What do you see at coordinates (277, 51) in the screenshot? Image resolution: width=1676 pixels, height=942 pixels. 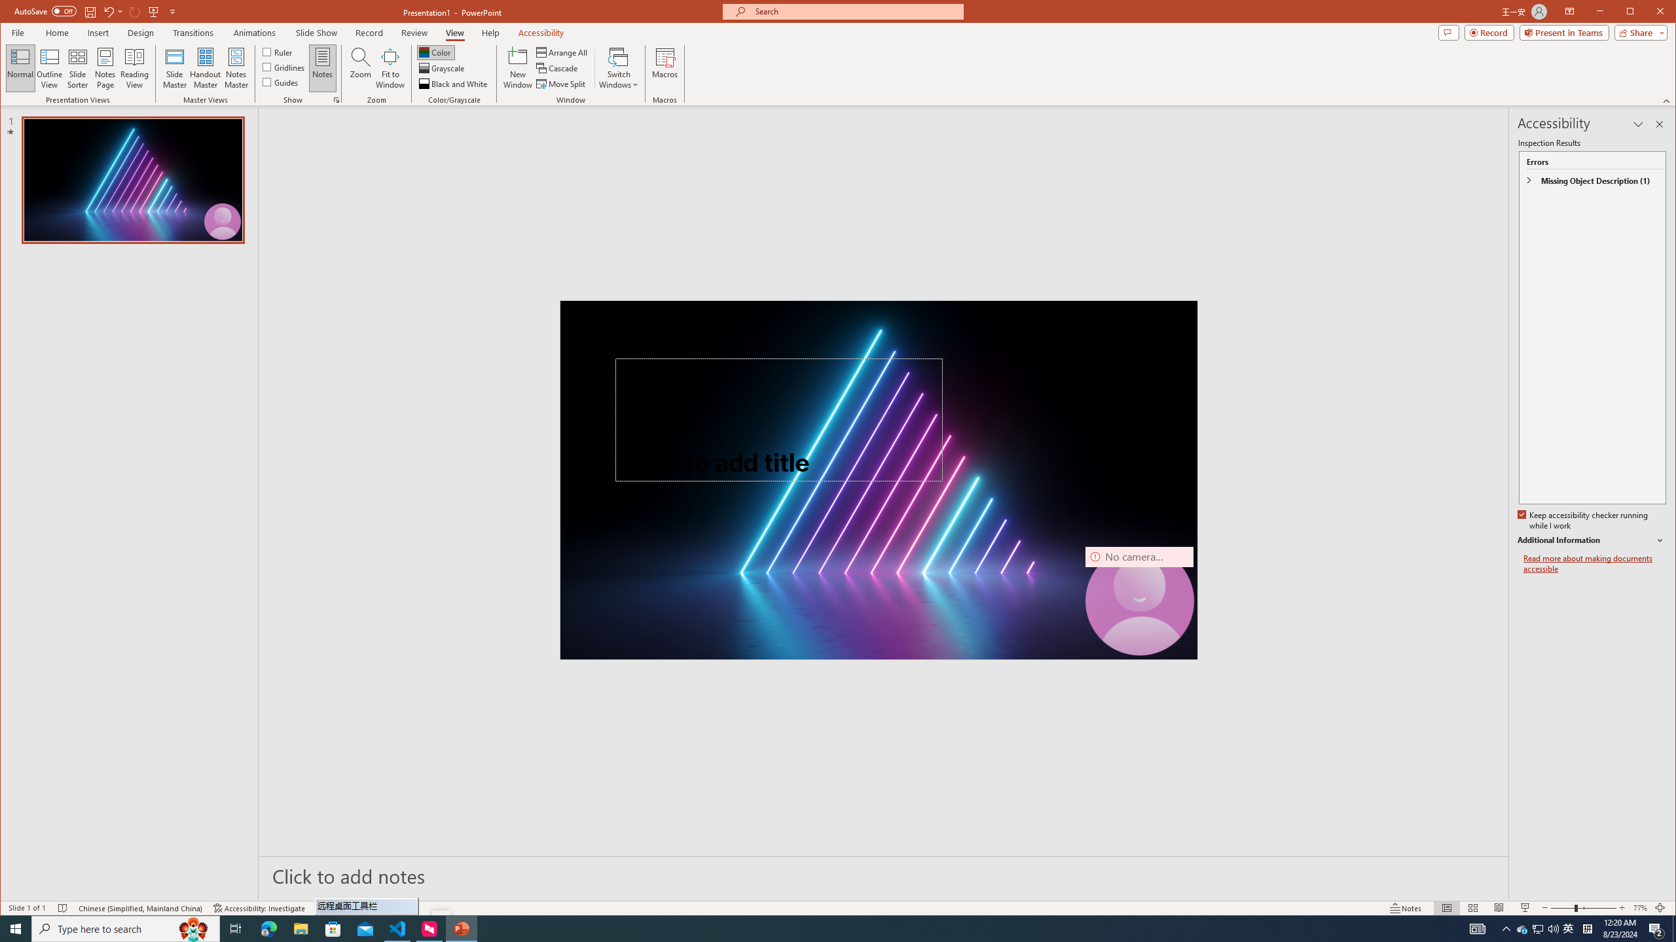 I see `'Ruler'` at bounding box center [277, 51].